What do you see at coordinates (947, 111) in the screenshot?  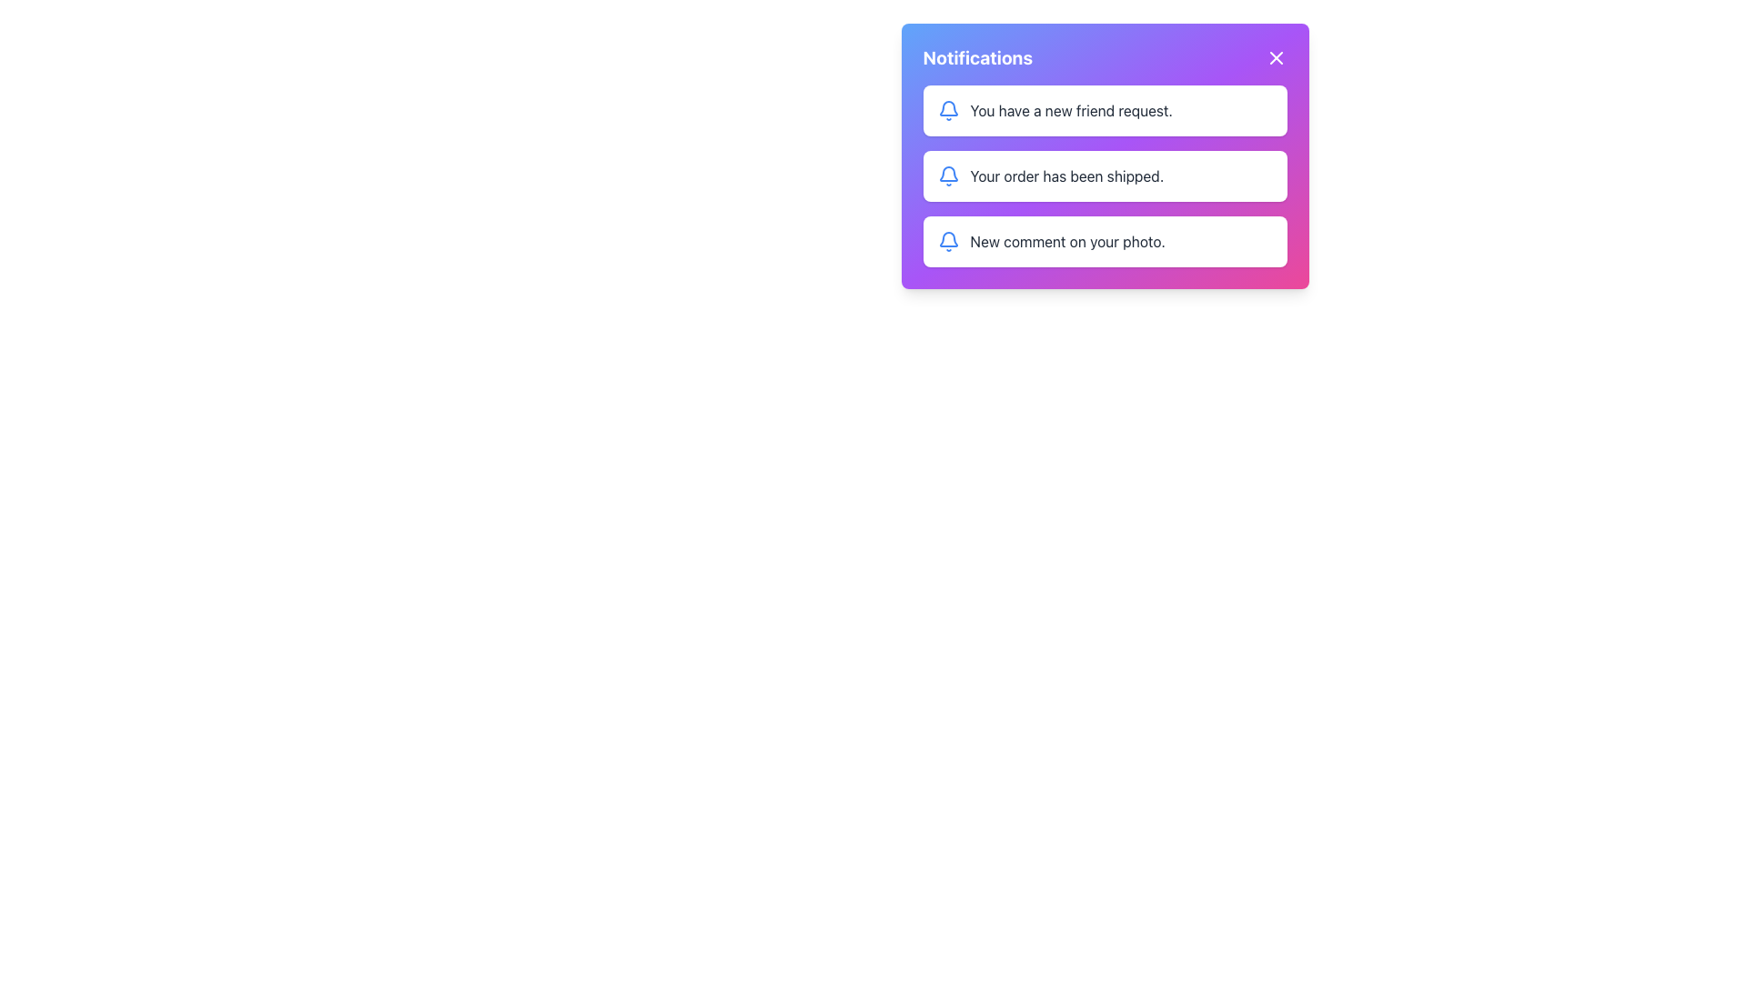 I see `notification icon located at the top-left corner of the first notification card, adjacent to the text 'You have a new friend request.'` at bounding box center [947, 111].